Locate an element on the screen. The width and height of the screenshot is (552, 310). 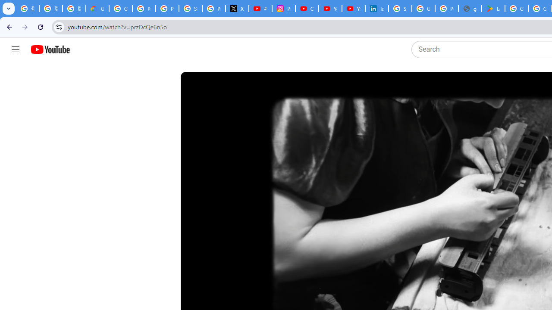
'Last Shelter: Survival - Apps on Google Play' is located at coordinates (493, 9).